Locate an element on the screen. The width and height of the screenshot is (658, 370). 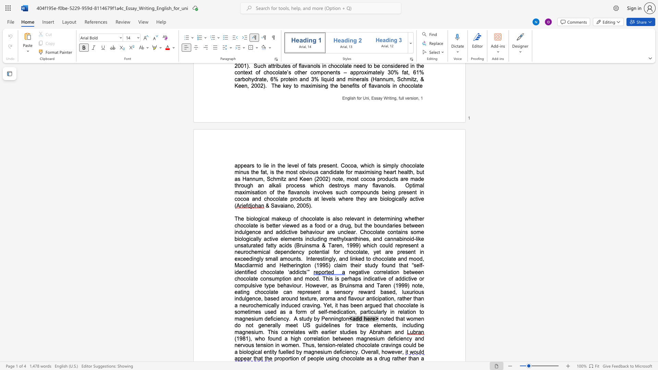
the subset text "tud" within the text "A study by Pennington" is located at coordinates (302, 319).